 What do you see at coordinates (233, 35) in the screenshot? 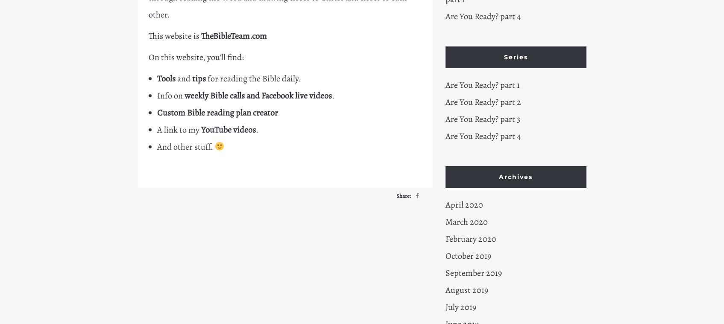
I see `'TheBibleTeam.com'` at bounding box center [233, 35].